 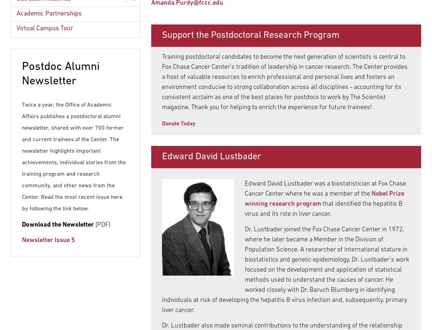 I want to click on 'The Scientist', so click(x=368, y=97).